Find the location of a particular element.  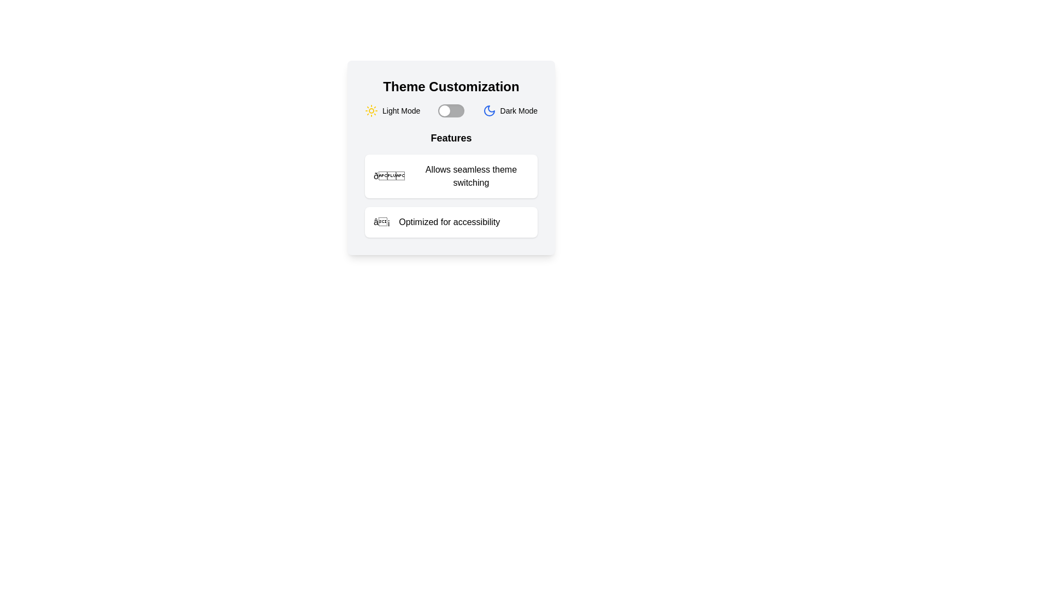

the Light Mode icon located in the upper-left corner of the 'Theme Customization' module is located at coordinates (372, 111).